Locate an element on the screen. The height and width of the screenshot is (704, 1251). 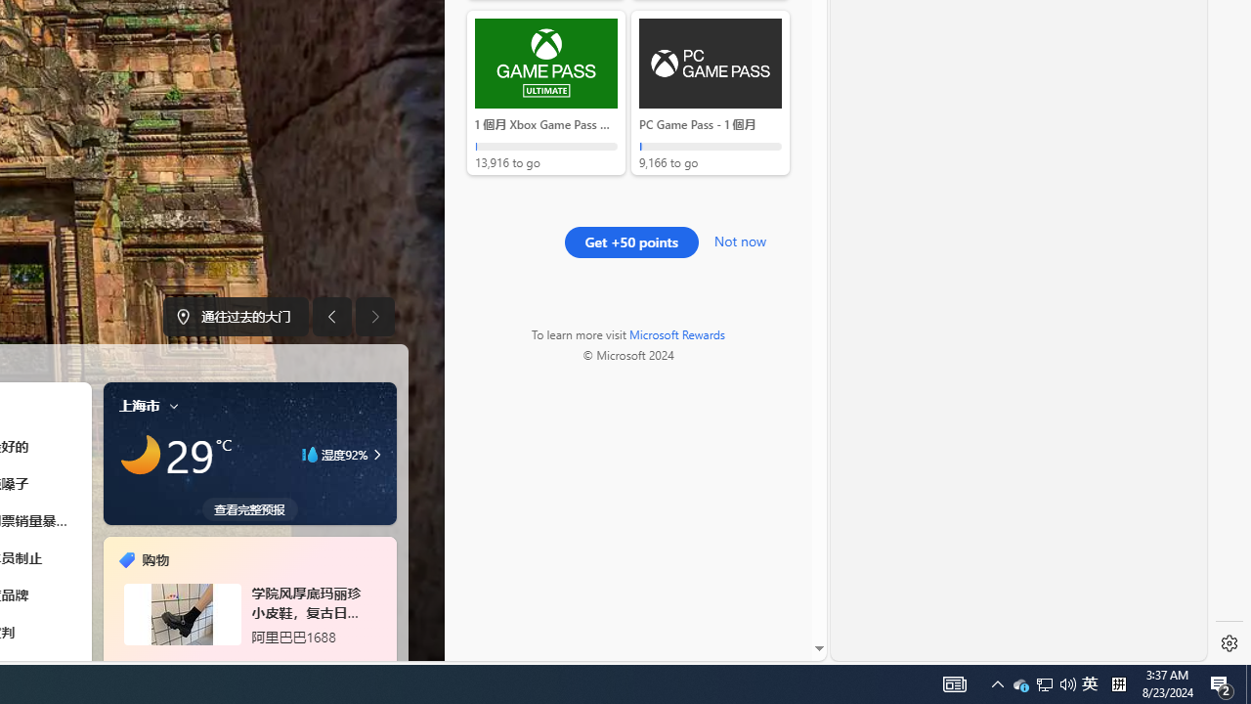
'Next image' is located at coordinates (375, 316).